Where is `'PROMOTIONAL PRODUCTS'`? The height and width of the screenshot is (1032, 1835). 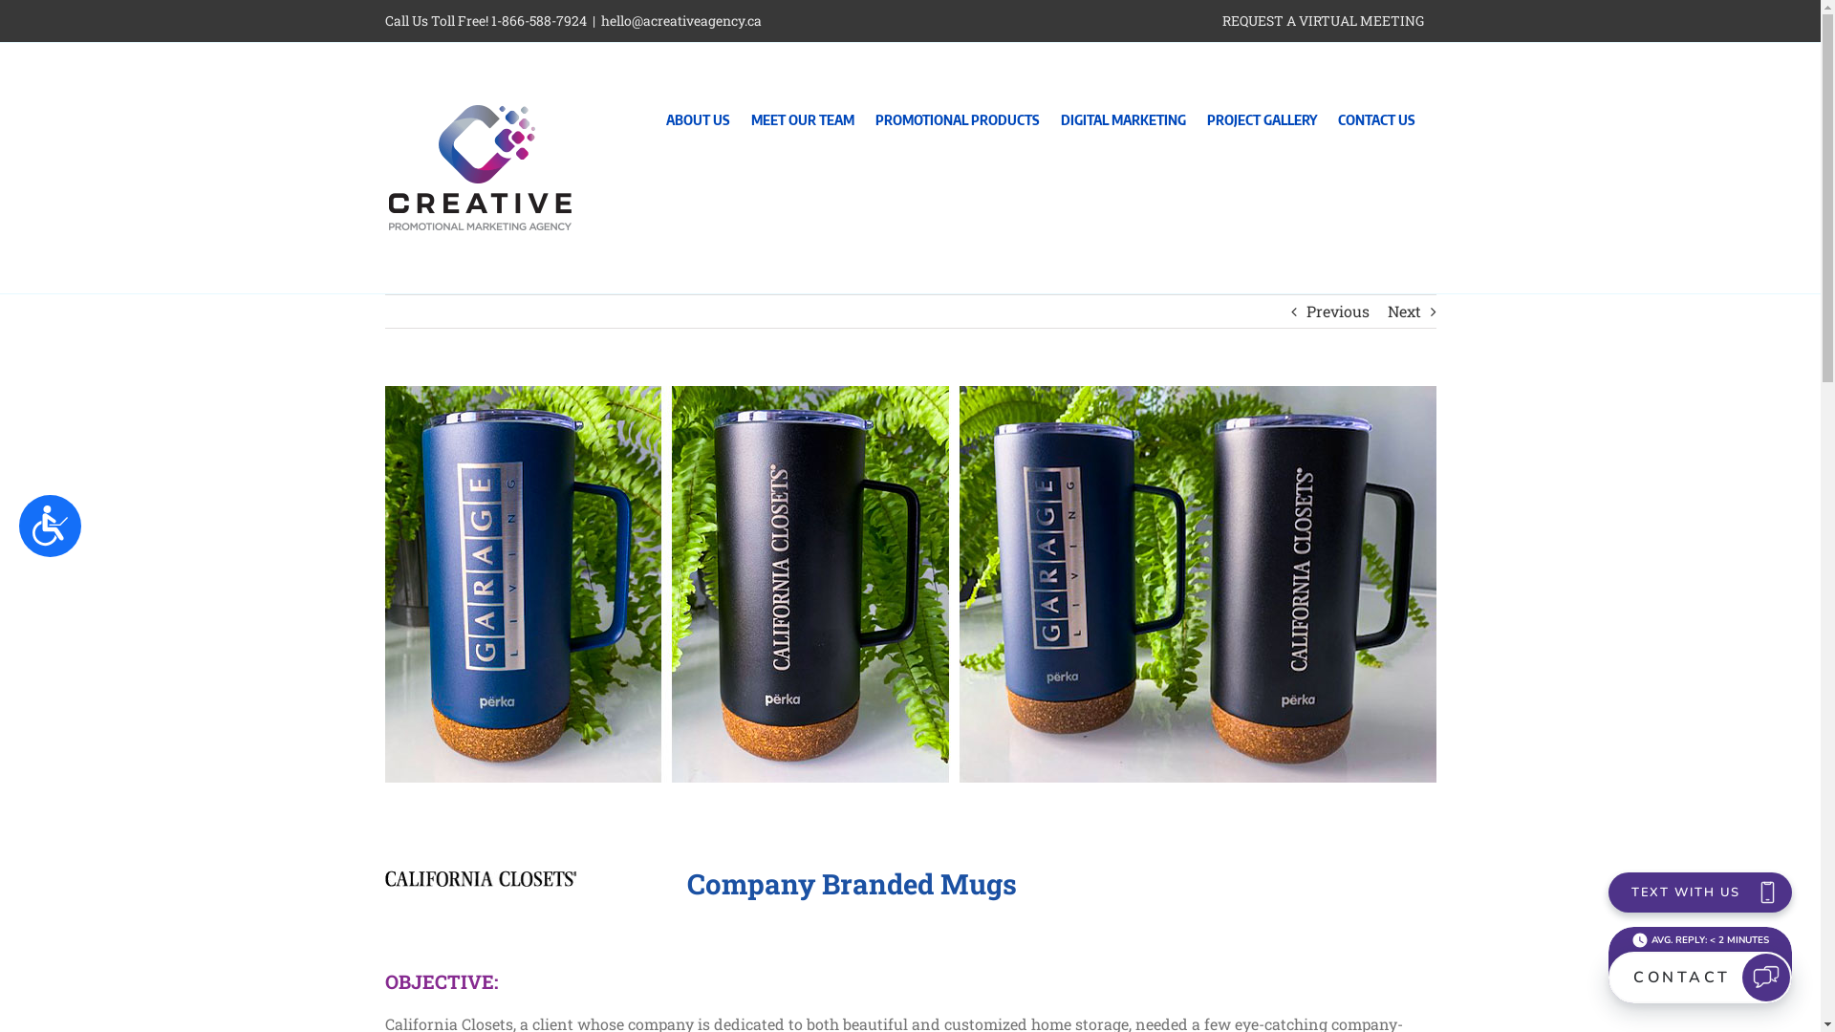
'PROMOTIONAL PRODUCTS' is located at coordinates (874, 114).